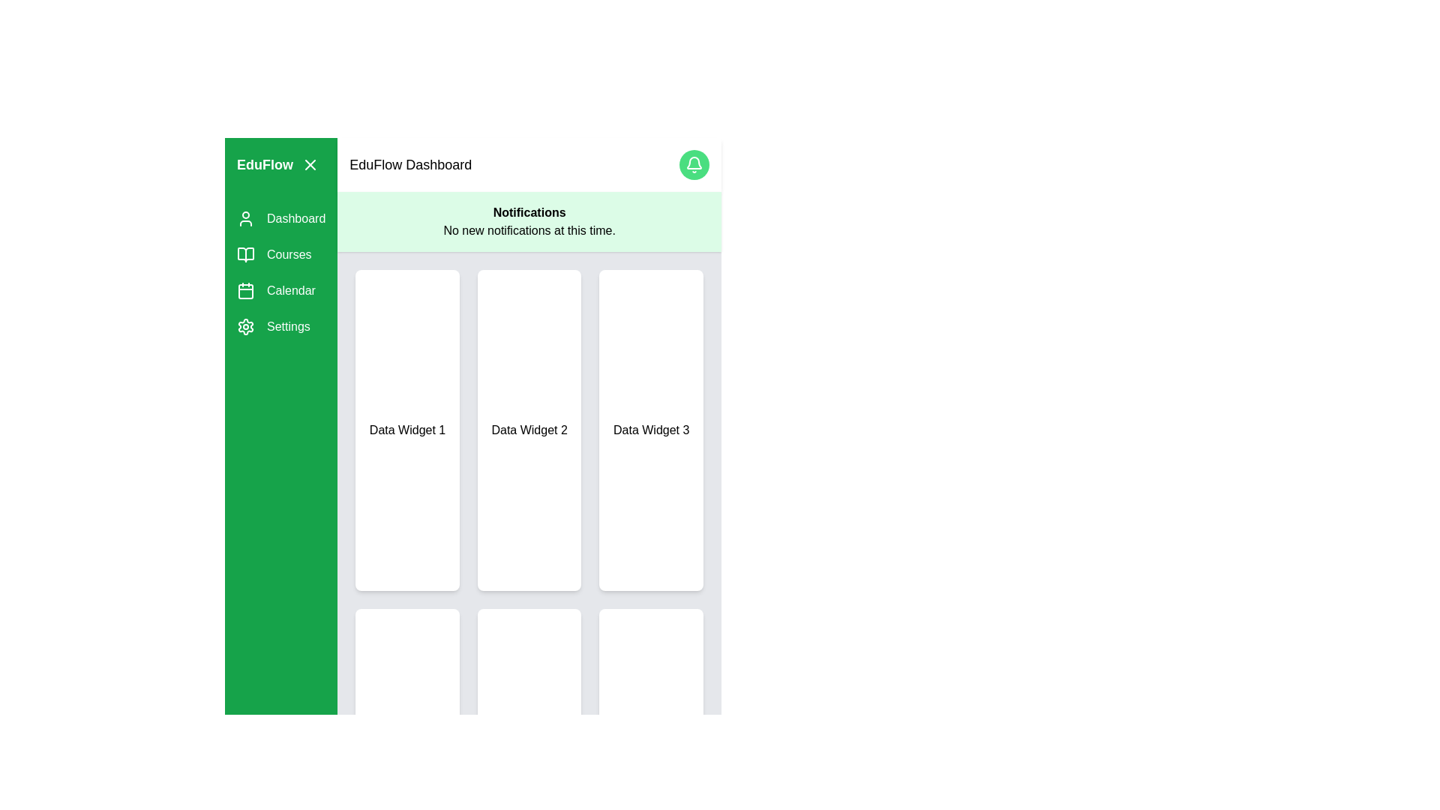  I want to click on the Text Label that informs users there are currently no new notifications, located below the 'Notifications' heading, so click(529, 231).